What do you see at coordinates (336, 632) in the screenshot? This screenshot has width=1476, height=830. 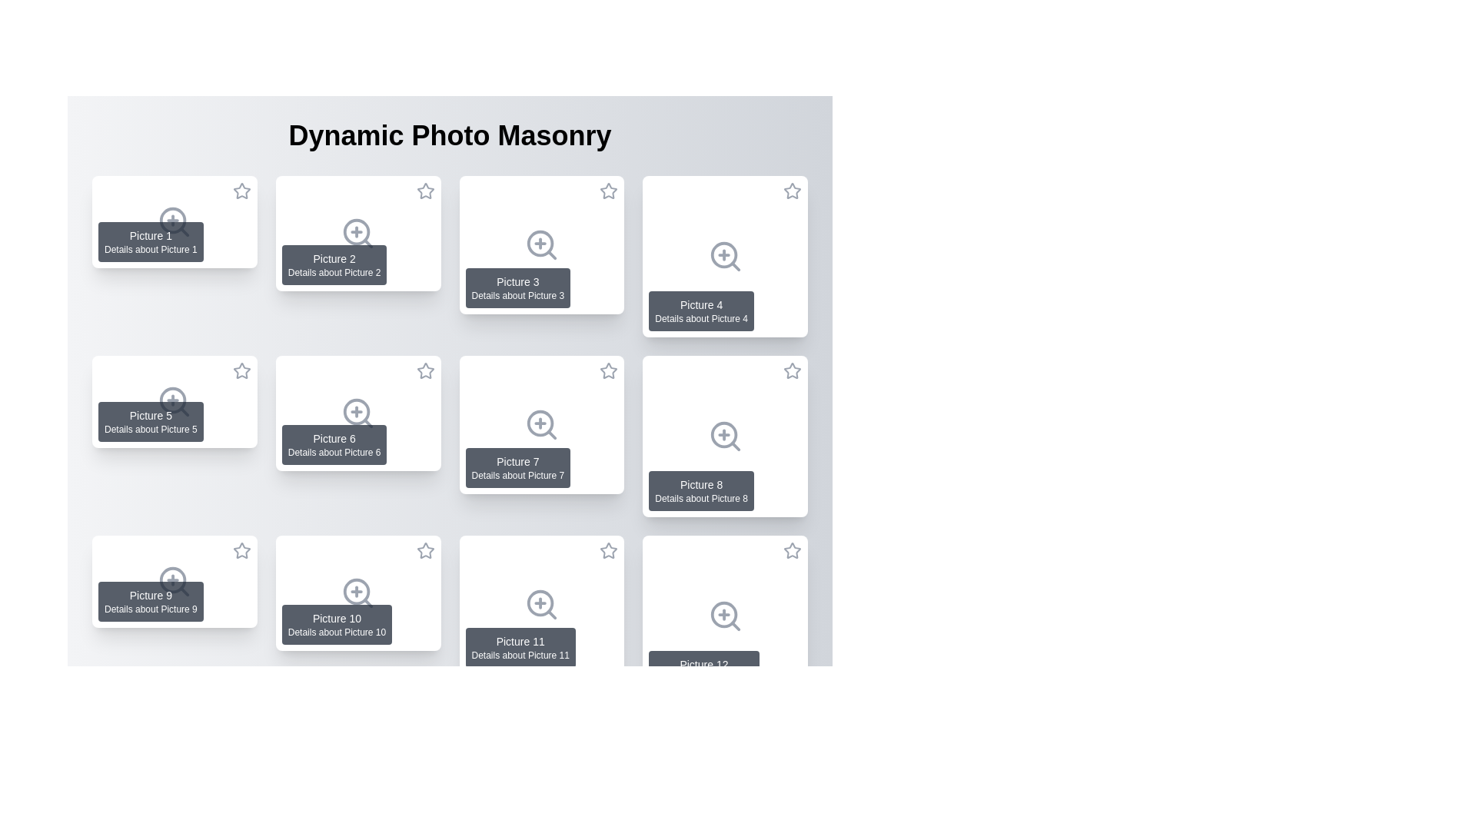 I see `descriptive text label located inside the card titled 'Picture 10', which is positioned directly below the heading text within the card` at bounding box center [336, 632].